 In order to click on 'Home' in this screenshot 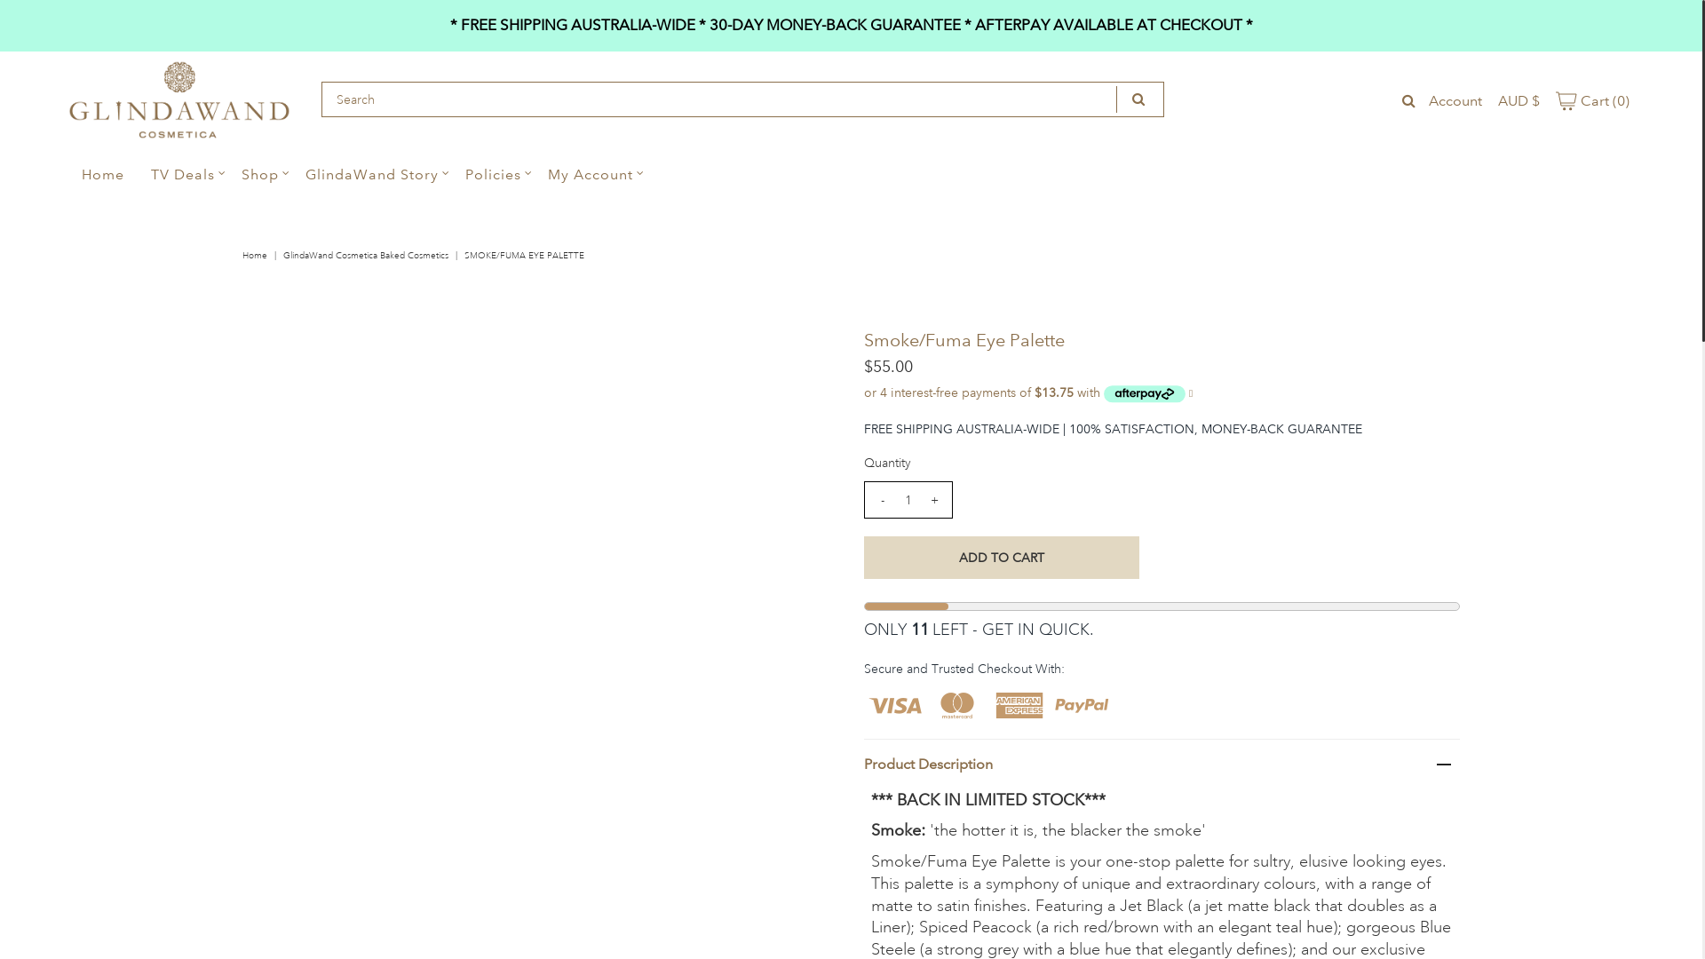, I will do `click(256, 256)`.